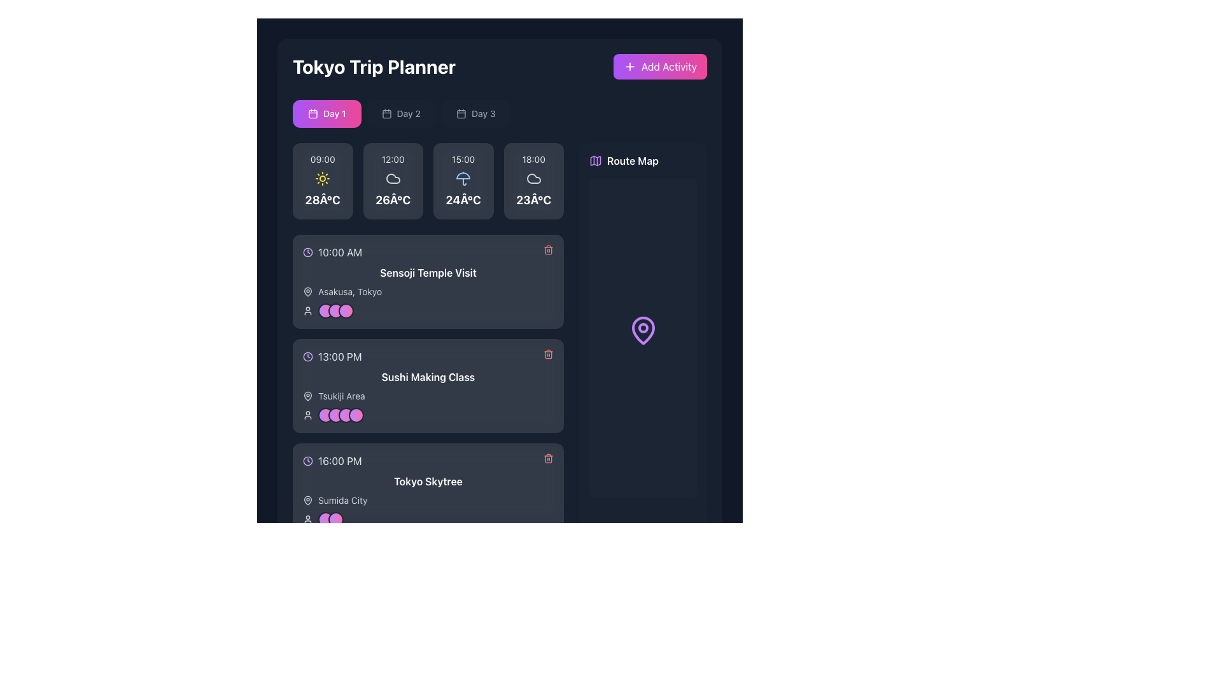  What do you see at coordinates (463, 179) in the screenshot?
I see `the blue umbrella-like icon that is centrally located between the time label '15:00' and the temperature '24°C'` at bounding box center [463, 179].